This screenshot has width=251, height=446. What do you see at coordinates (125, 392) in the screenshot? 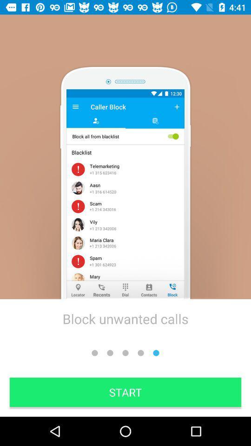
I see `the start button on the web page` at bounding box center [125, 392].